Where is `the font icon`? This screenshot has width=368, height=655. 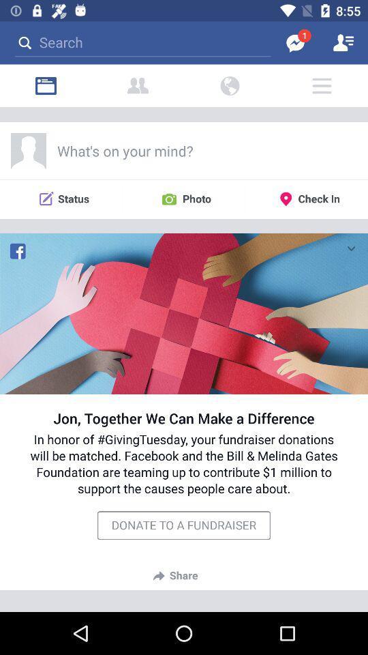 the font icon is located at coordinates (138, 85).